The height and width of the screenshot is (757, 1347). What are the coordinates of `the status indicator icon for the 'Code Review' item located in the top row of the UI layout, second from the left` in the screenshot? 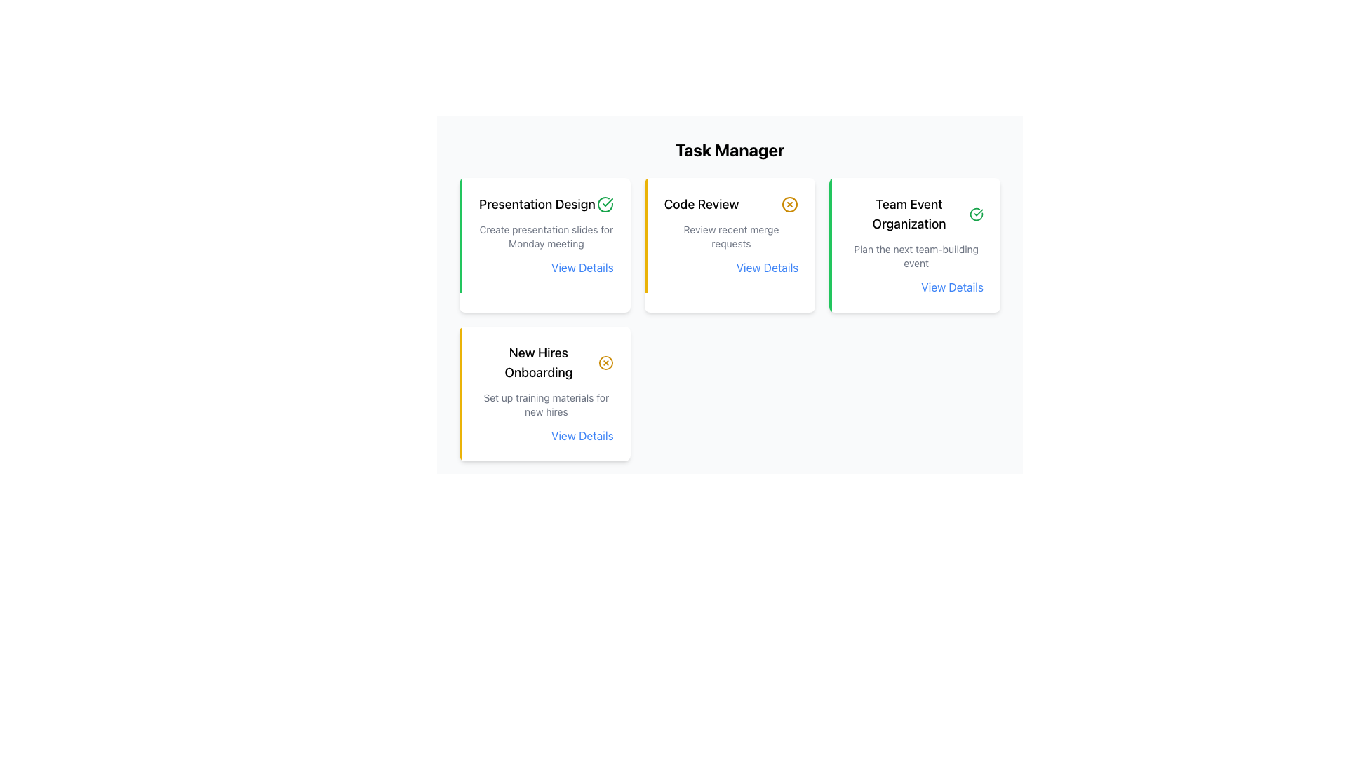 It's located at (790, 205).